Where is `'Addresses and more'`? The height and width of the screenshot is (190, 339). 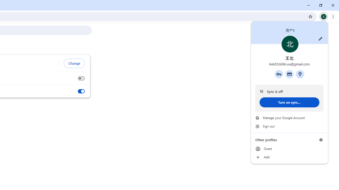 'Addresses and more' is located at coordinates (300, 74).